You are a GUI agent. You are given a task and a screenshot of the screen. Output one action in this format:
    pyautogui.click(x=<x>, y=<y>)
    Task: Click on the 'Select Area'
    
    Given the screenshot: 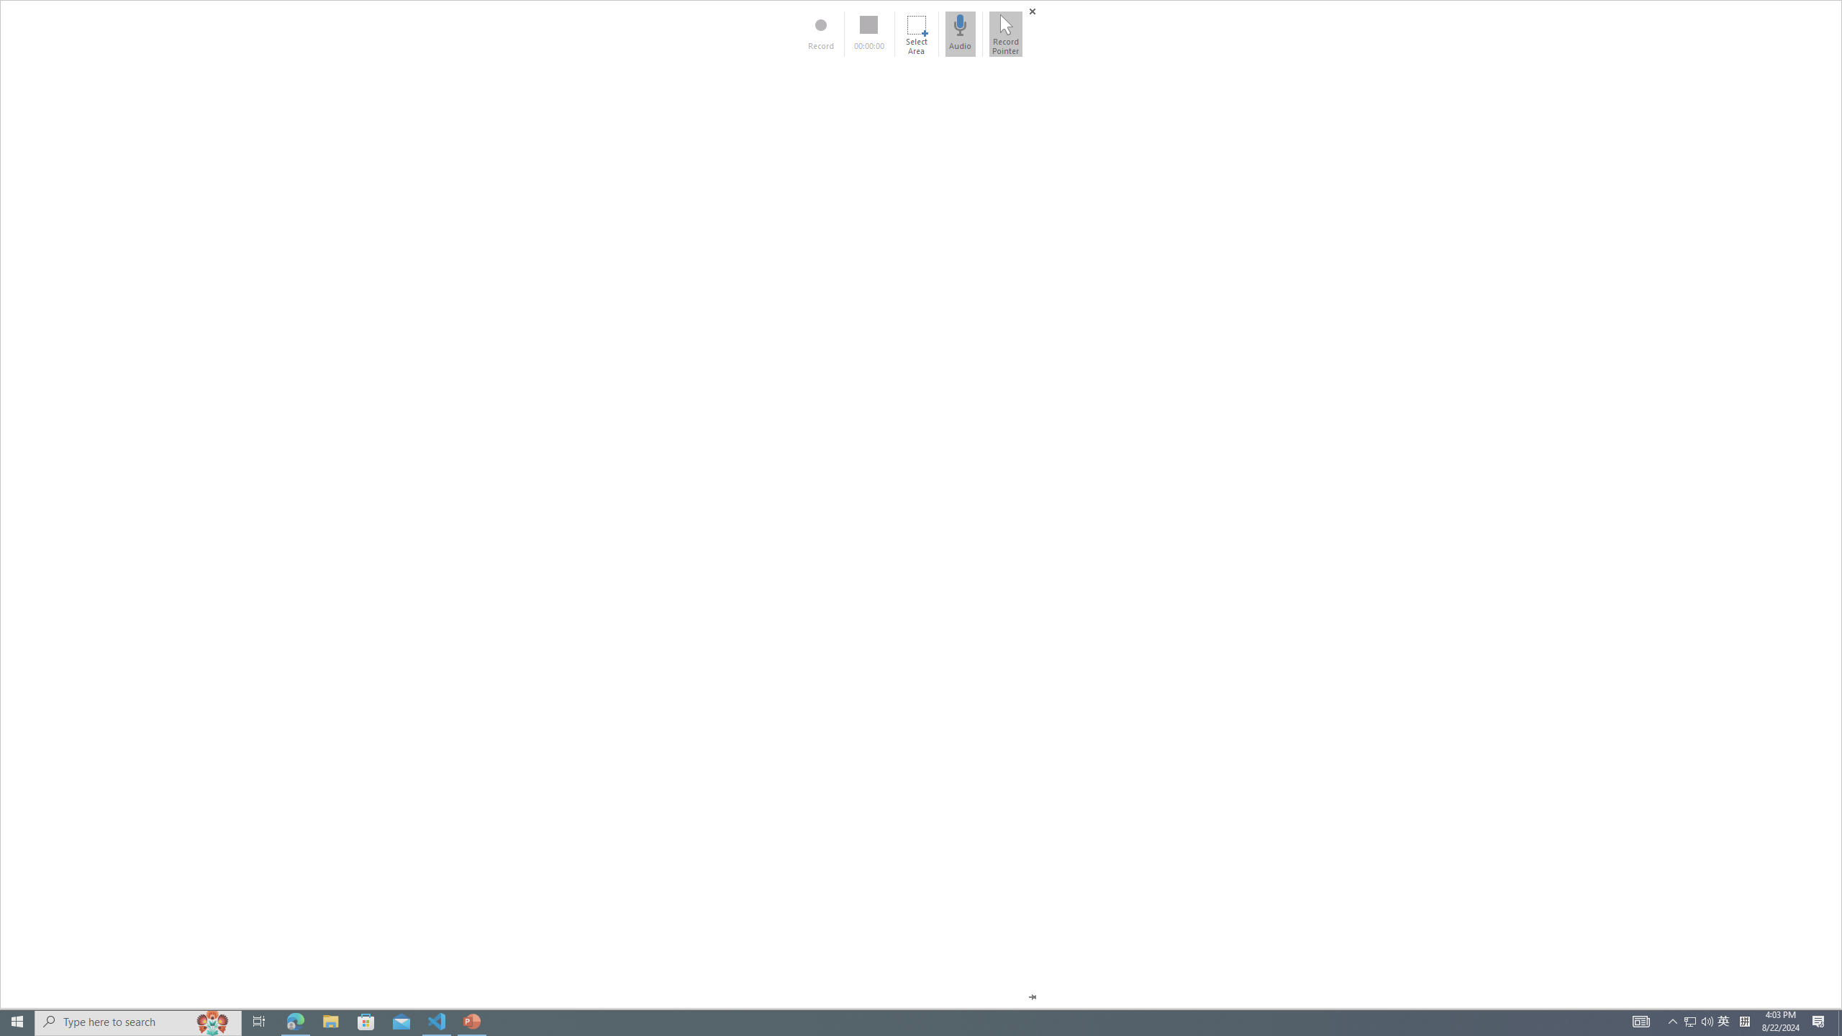 What is the action you would take?
    pyautogui.click(x=915, y=33)
    